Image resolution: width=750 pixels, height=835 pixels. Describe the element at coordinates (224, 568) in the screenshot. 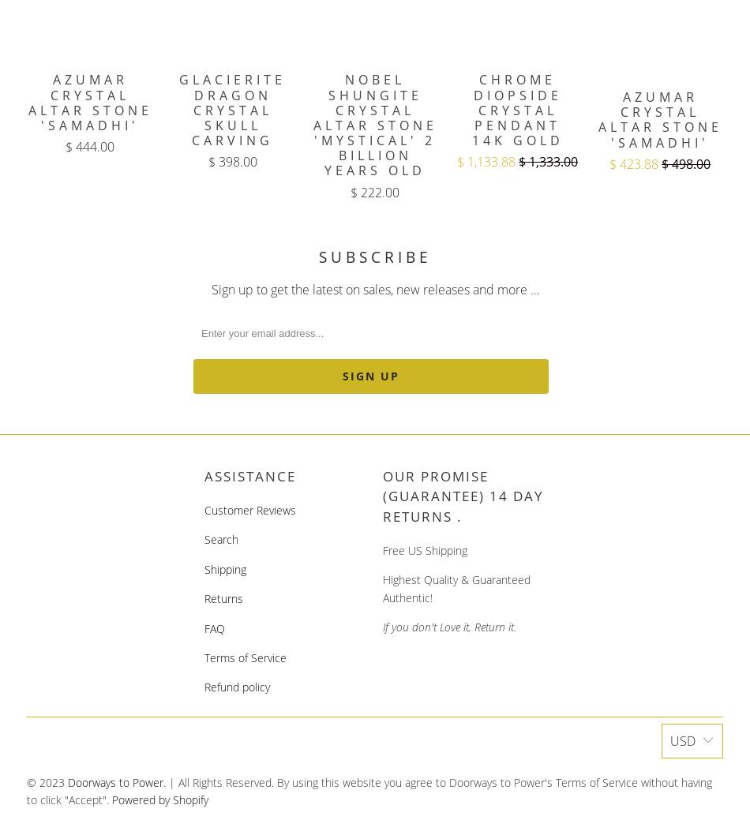

I see `'Shipping'` at that location.